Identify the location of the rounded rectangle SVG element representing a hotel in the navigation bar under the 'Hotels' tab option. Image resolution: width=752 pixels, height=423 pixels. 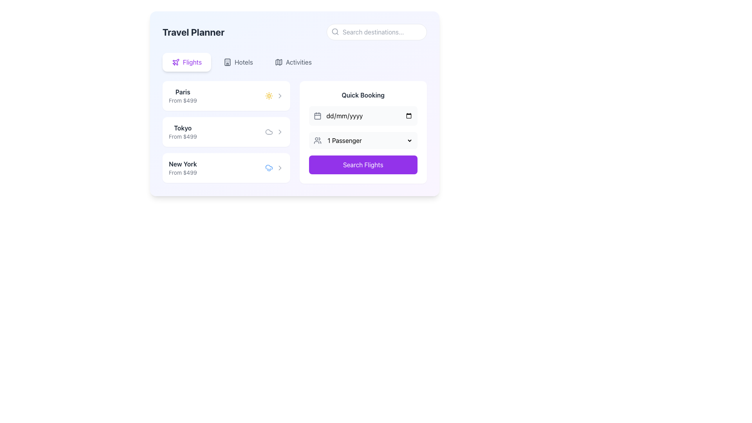
(227, 61).